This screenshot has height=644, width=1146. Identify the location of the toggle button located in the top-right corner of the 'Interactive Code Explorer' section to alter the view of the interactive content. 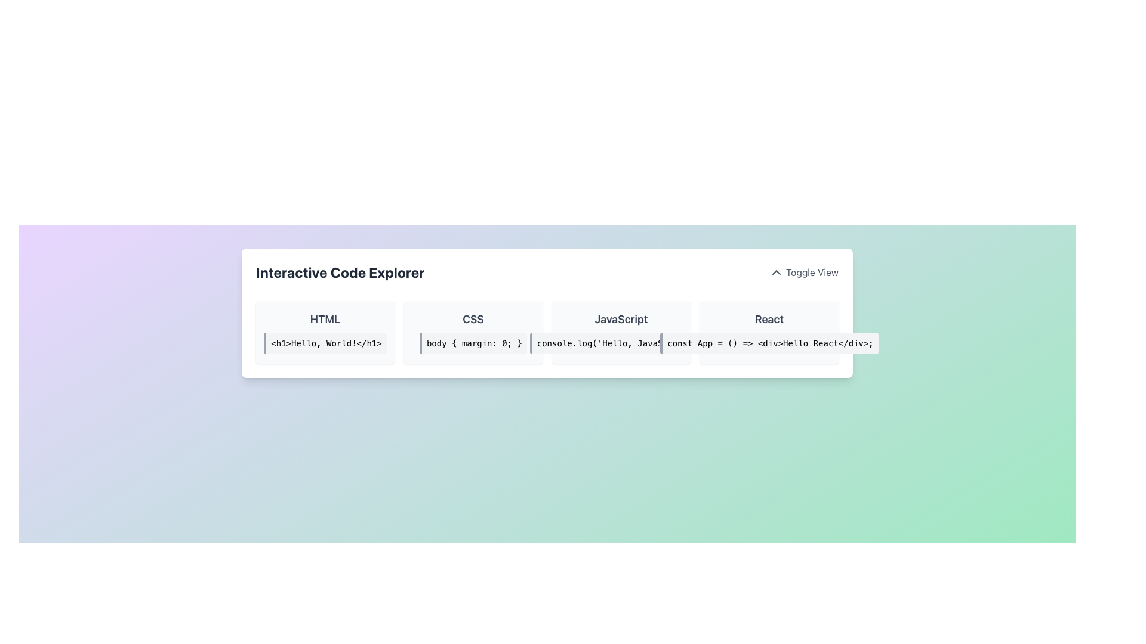
(804, 272).